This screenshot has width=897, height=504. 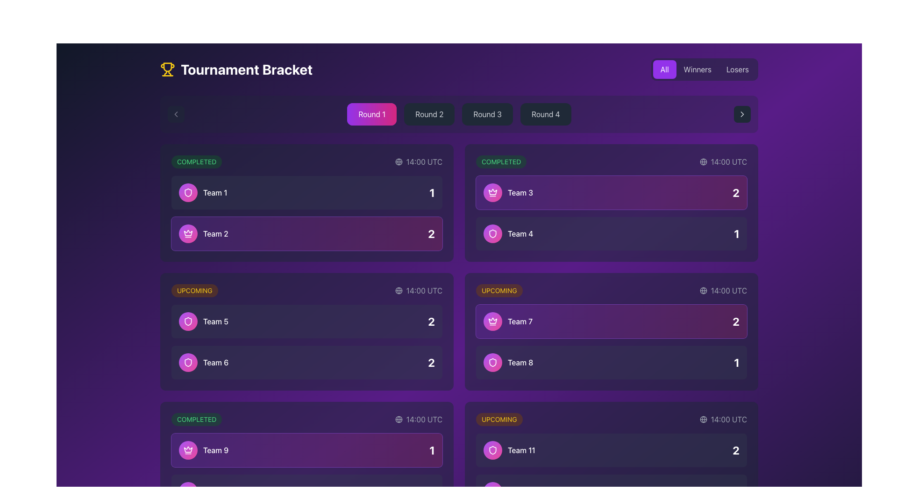 What do you see at coordinates (741, 114) in the screenshot?
I see `the right-pointing chevron icon that is part of an SVG element, styled in black and red, located on the right side of the filter options panel` at bounding box center [741, 114].